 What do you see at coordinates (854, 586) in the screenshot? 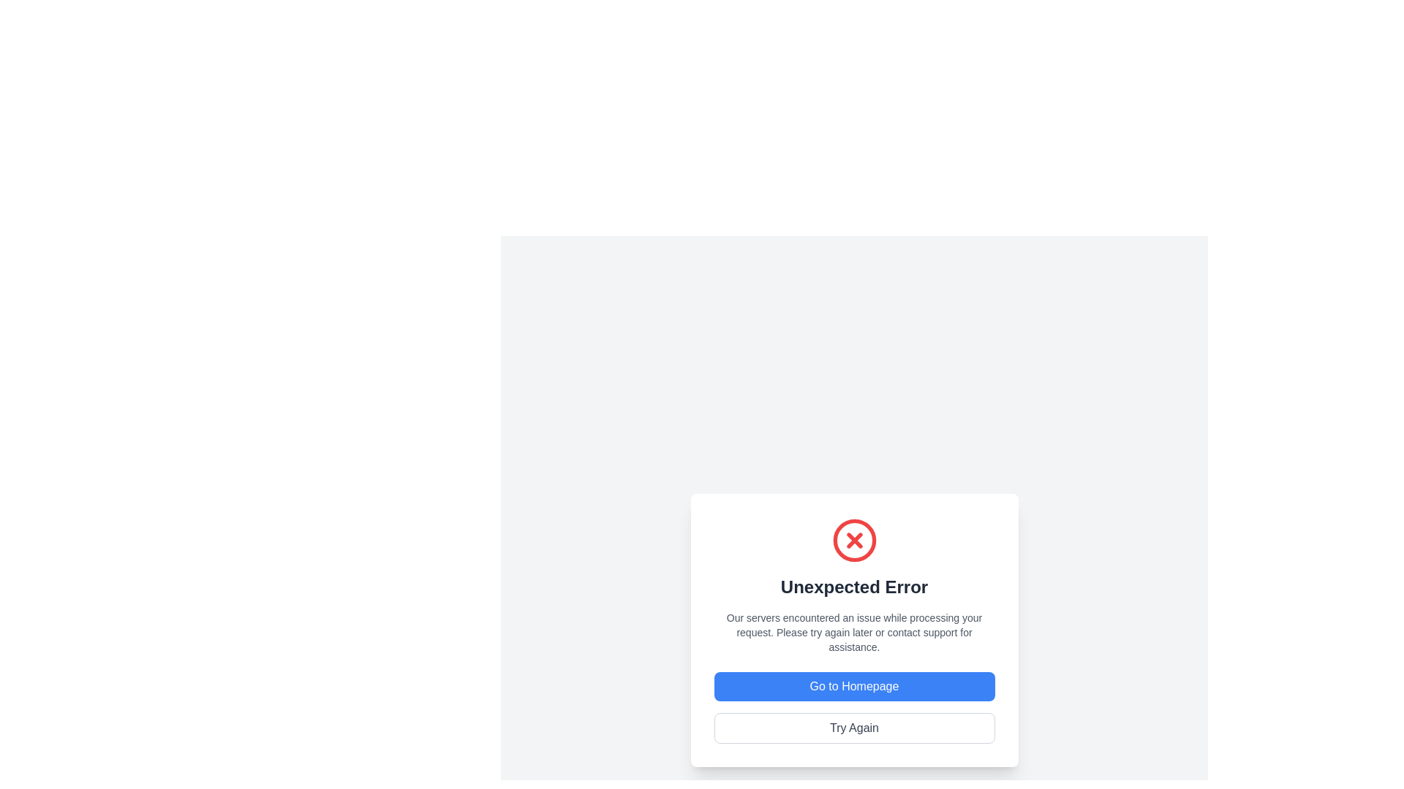
I see `the heading text label displaying 'Unexpected Error' in a large bold font, located in the center of the error message interface` at bounding box center [854, 586].